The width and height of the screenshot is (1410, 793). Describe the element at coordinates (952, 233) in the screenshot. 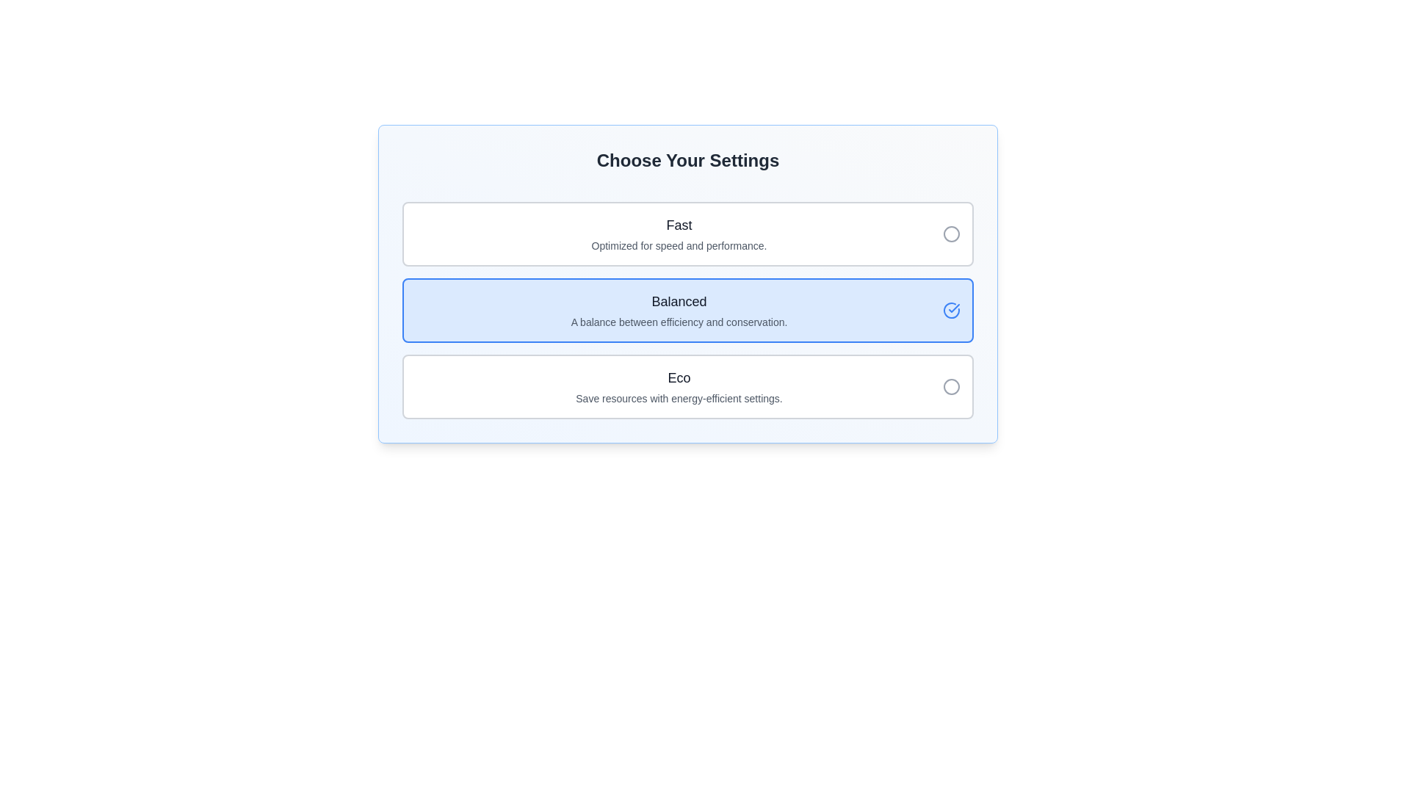

I see `the Circle representing the non-selected state in the 'Fast' option row, located at the far right of the row` at that location.